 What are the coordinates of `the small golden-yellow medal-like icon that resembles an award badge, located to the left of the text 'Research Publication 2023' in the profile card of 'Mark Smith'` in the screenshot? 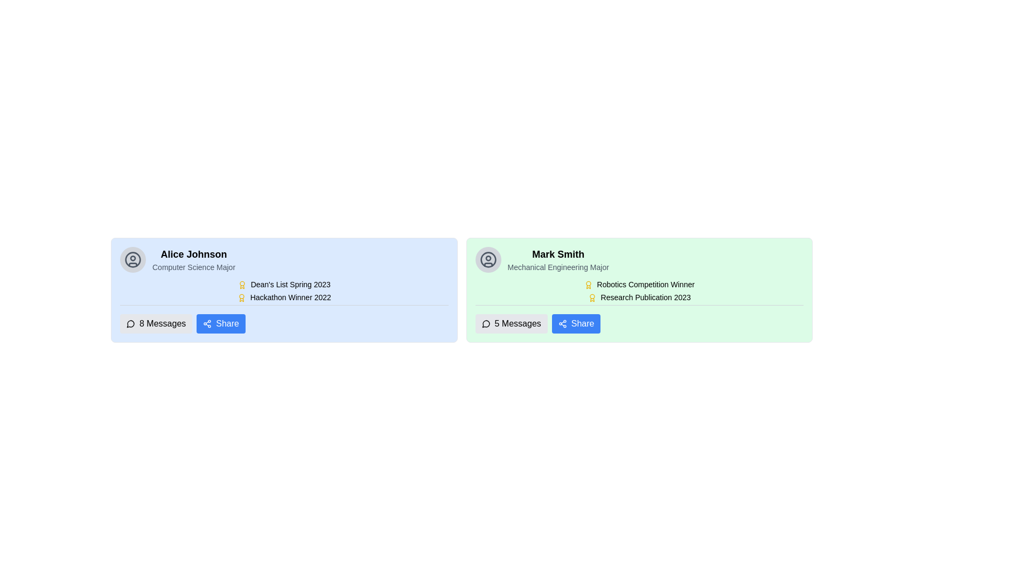 It's located at (591, 298).